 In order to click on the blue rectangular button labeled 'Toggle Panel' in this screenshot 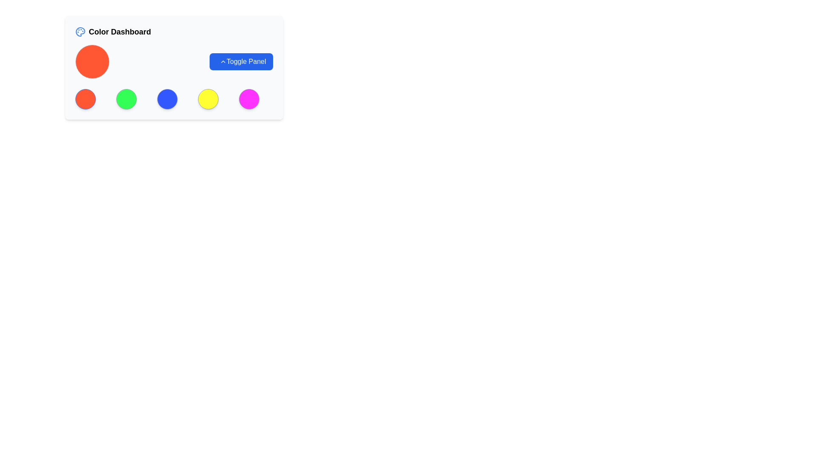, I will do `click(241, 61)`.